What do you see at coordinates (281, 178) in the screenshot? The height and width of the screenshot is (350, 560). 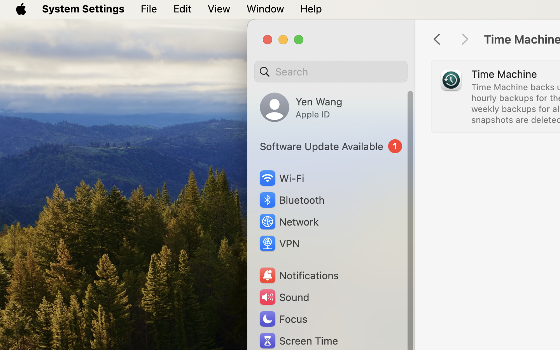 I see `'Wi‑Fi'` at bounding box center [281, 178].